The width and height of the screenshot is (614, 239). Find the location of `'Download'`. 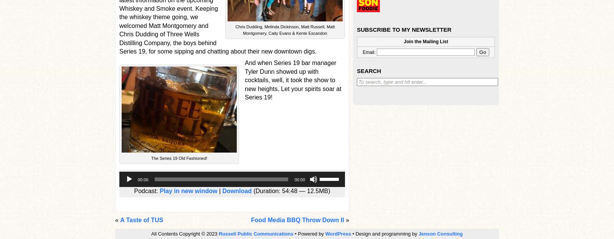

'Download' is located at coordinates (236, 190).